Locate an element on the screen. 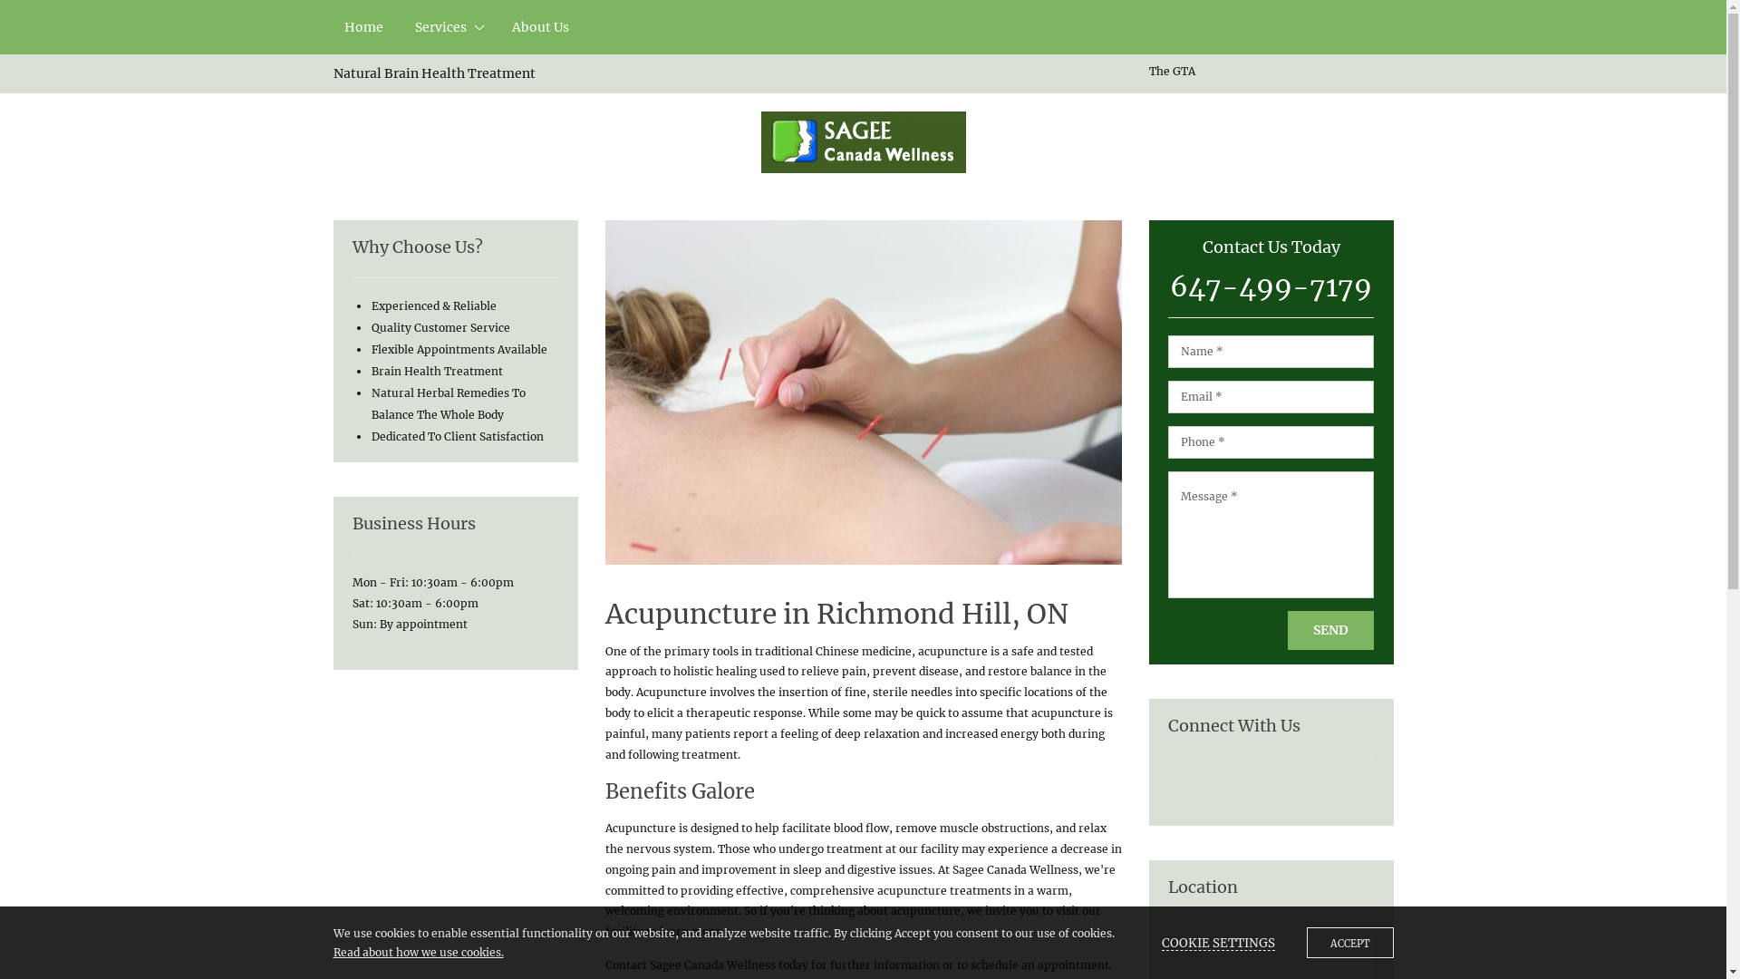 The height and width of the screenshot is (979, 1740). 'About Us' is located at coordinates (538, 27).